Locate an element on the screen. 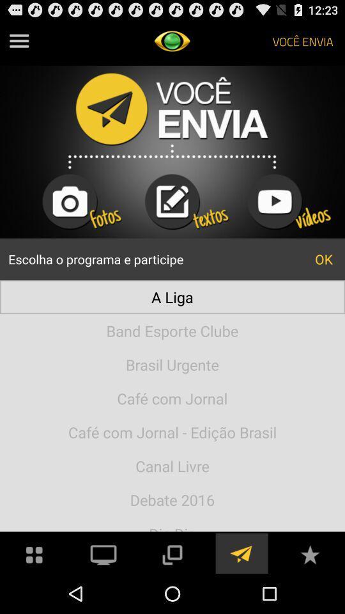  display menu options is located at coordinates (19, 41).